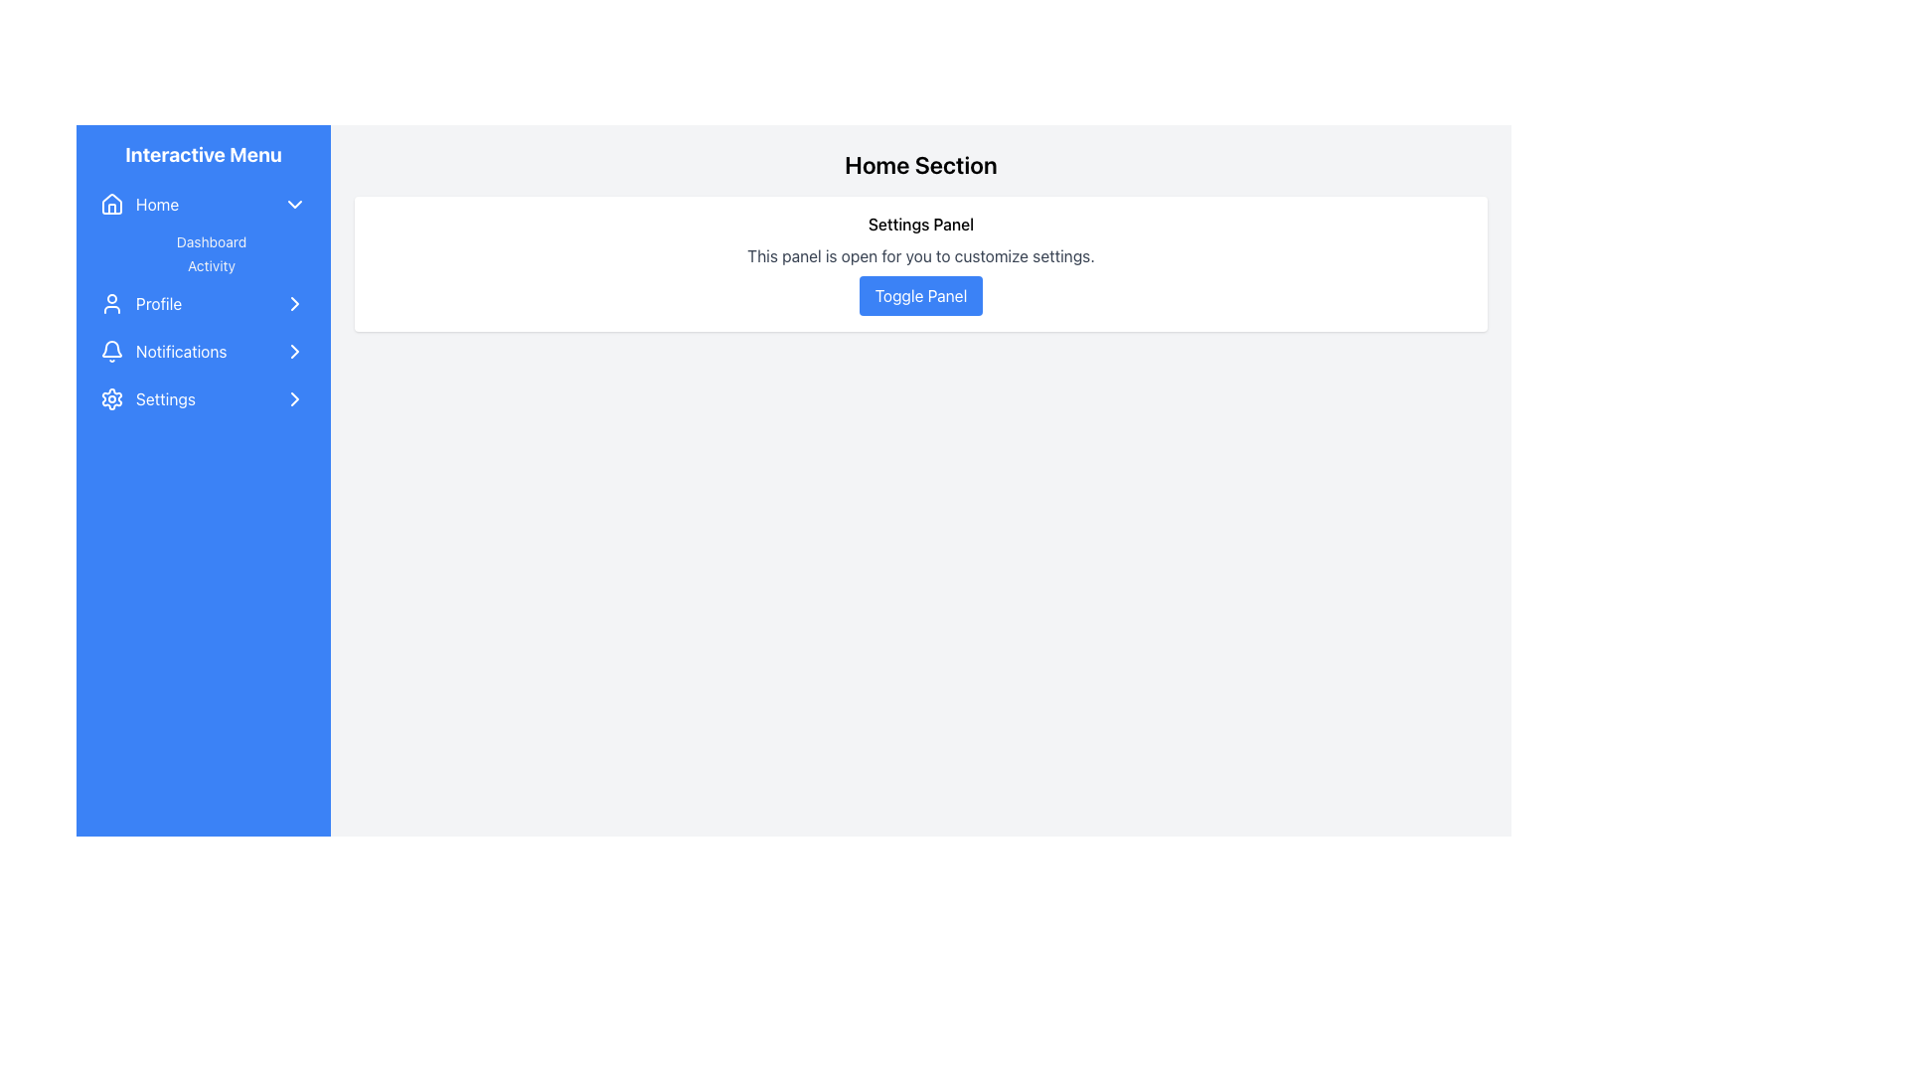 Image resolution: width=1908 pixels, height=1073 pixels. I want to click on the 'Home' text label which is styled with white text on a blue background, located in the sidebar near the top adjacent to a house-shaped icon, so click(156, 204).